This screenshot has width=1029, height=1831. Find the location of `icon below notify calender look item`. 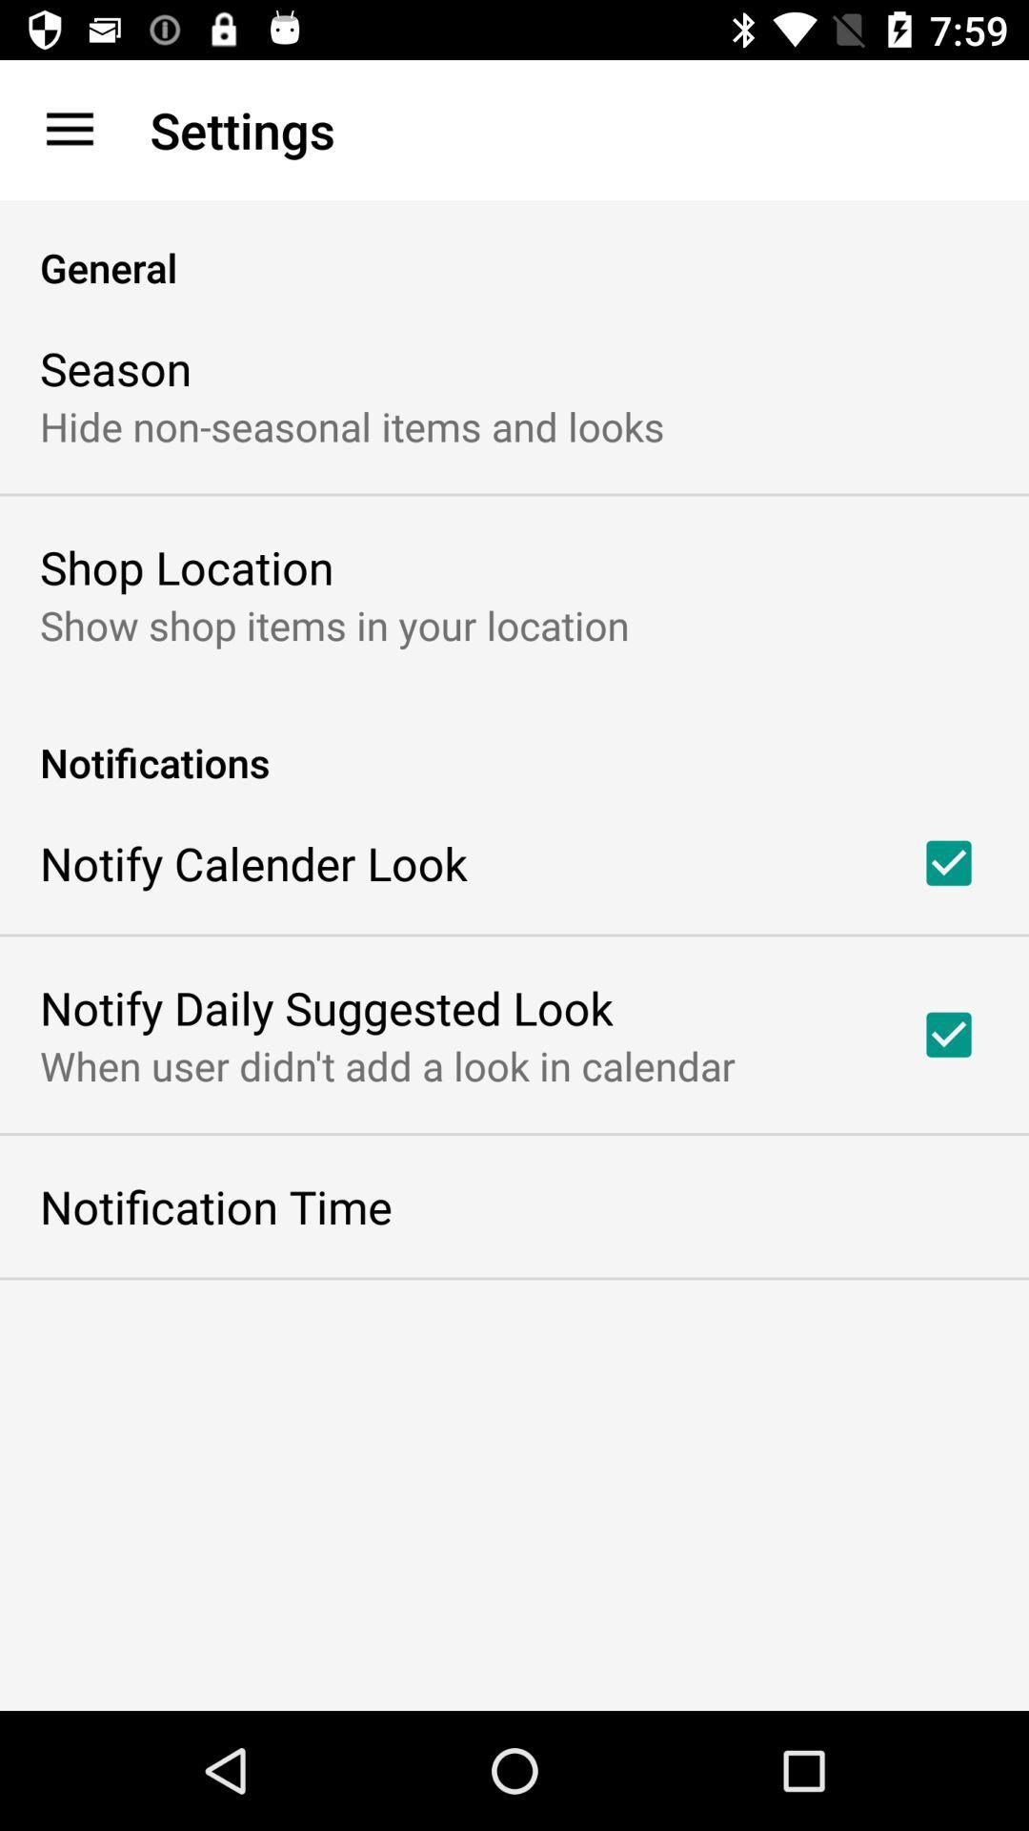

icon below notify calender look item is located at coordinates (325, 1006).